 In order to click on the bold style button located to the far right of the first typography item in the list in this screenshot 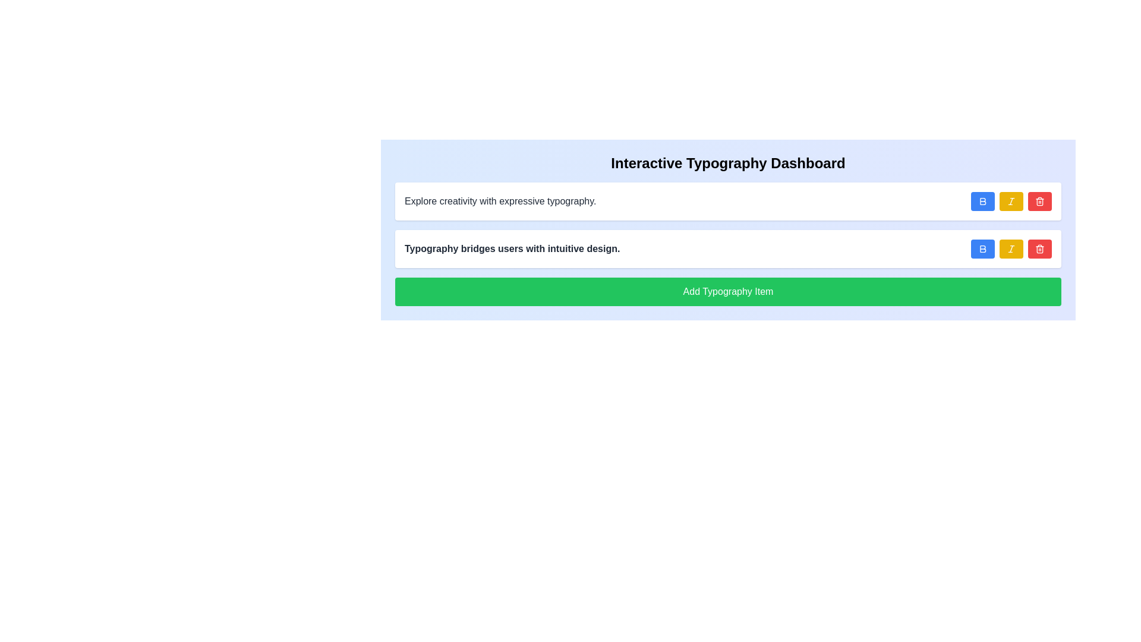, I will do `click(983, 201)`.